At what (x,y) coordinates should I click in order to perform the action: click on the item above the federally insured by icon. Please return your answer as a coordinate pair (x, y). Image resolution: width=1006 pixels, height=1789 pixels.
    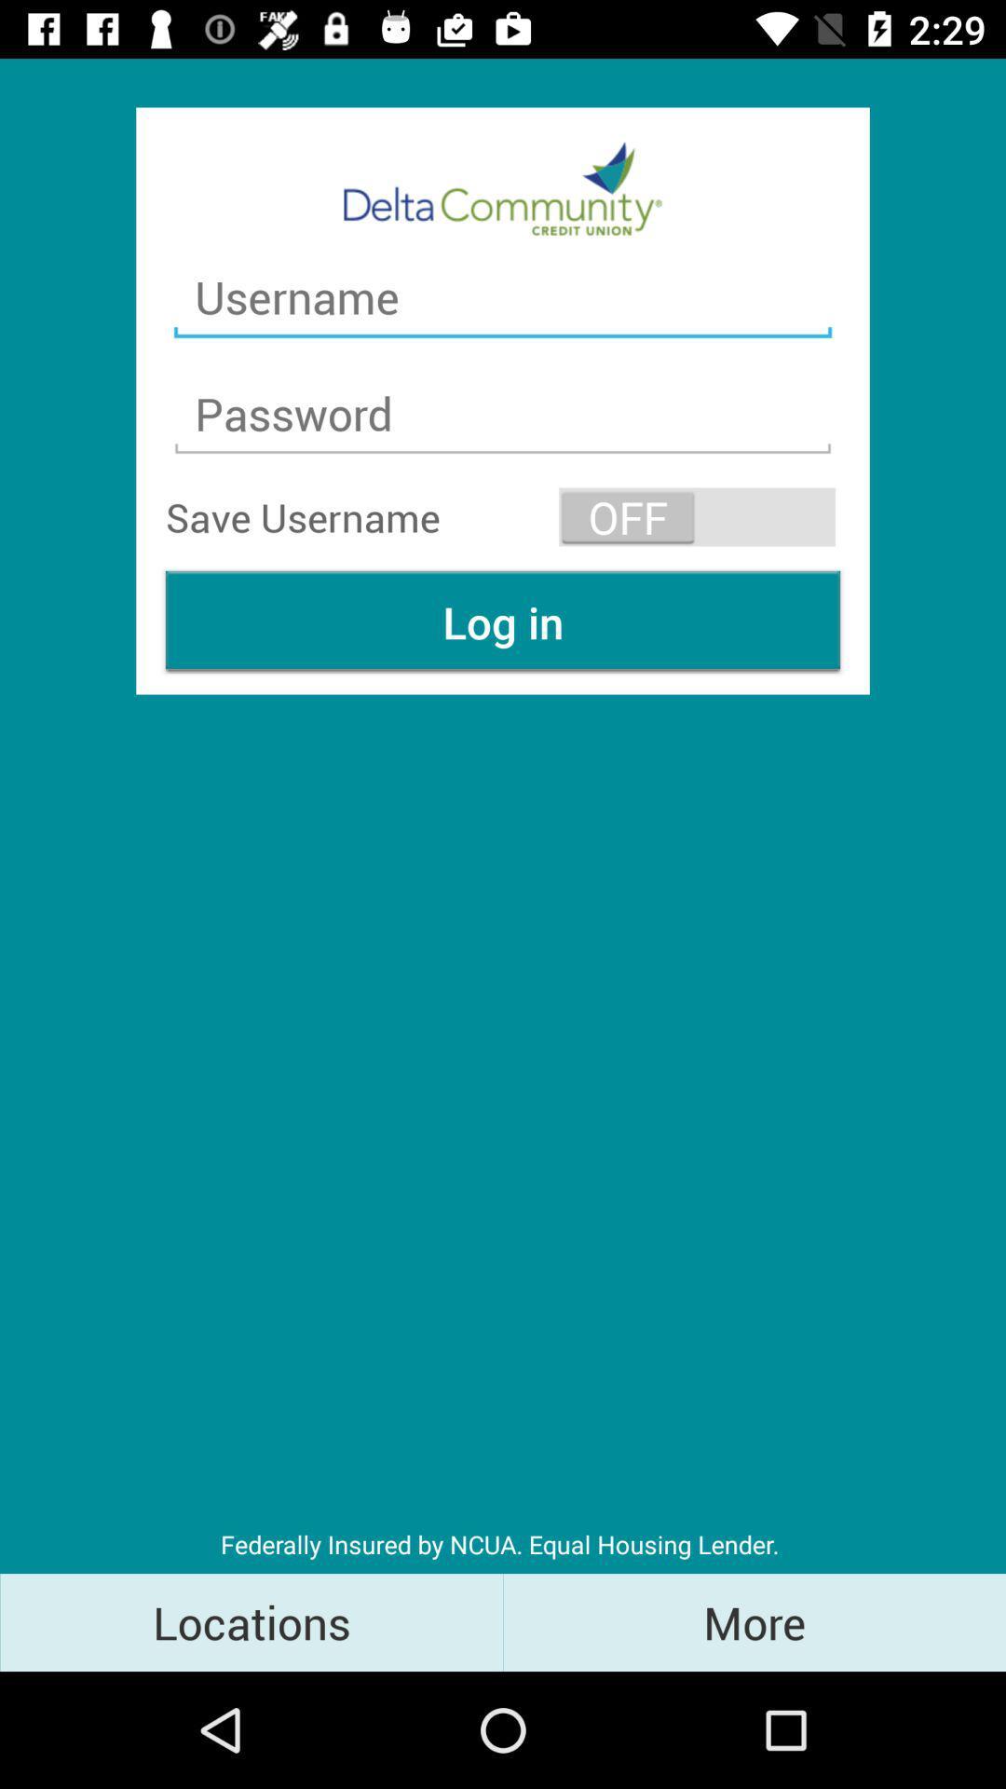
    Looking at the image, I should click on (503, 621).